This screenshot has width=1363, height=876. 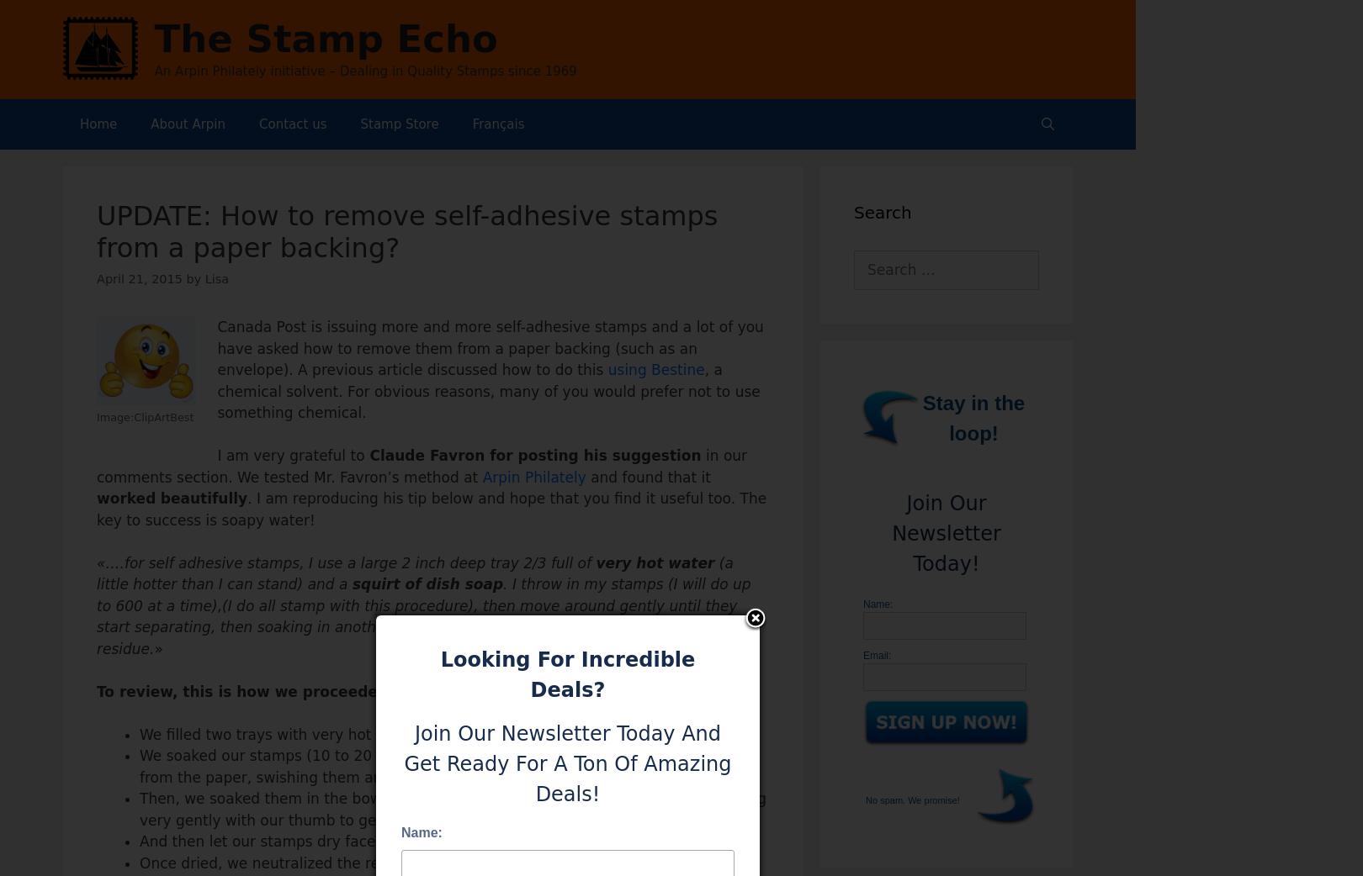 I want to click on 'and found that it', so click(x=647, y=475).